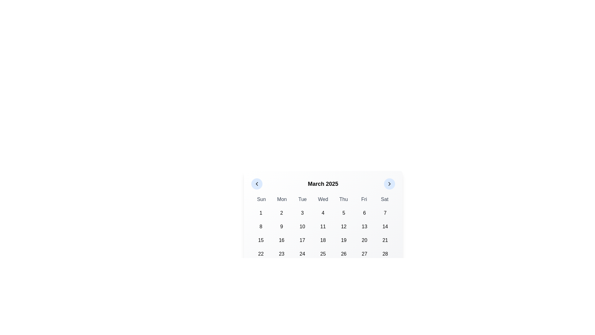  What do you see at coordinates (281, 212) in the screenshot?
I see `the button labeled '2', which is a rectangular button with a rounded border` at bounding box center [281, 212].